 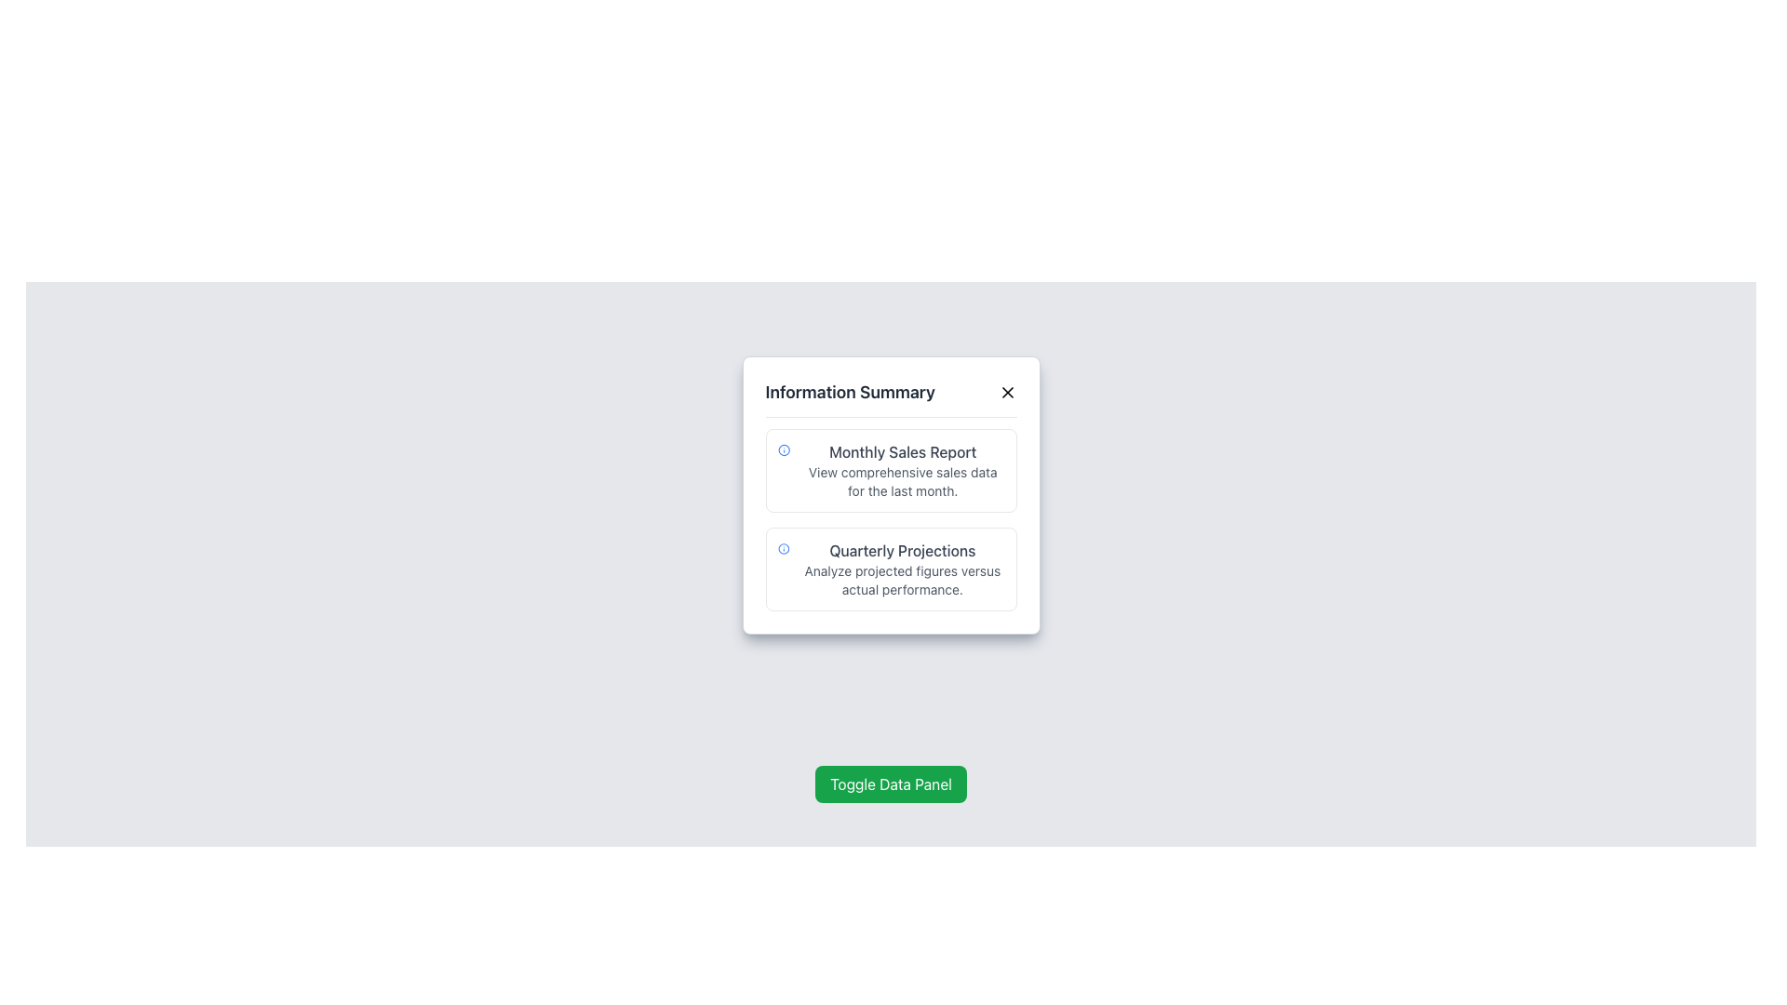 I want to click on static text label that serves as the title for the modal box, located near the top-left corner of the modal box, so click(x=849, y=391).